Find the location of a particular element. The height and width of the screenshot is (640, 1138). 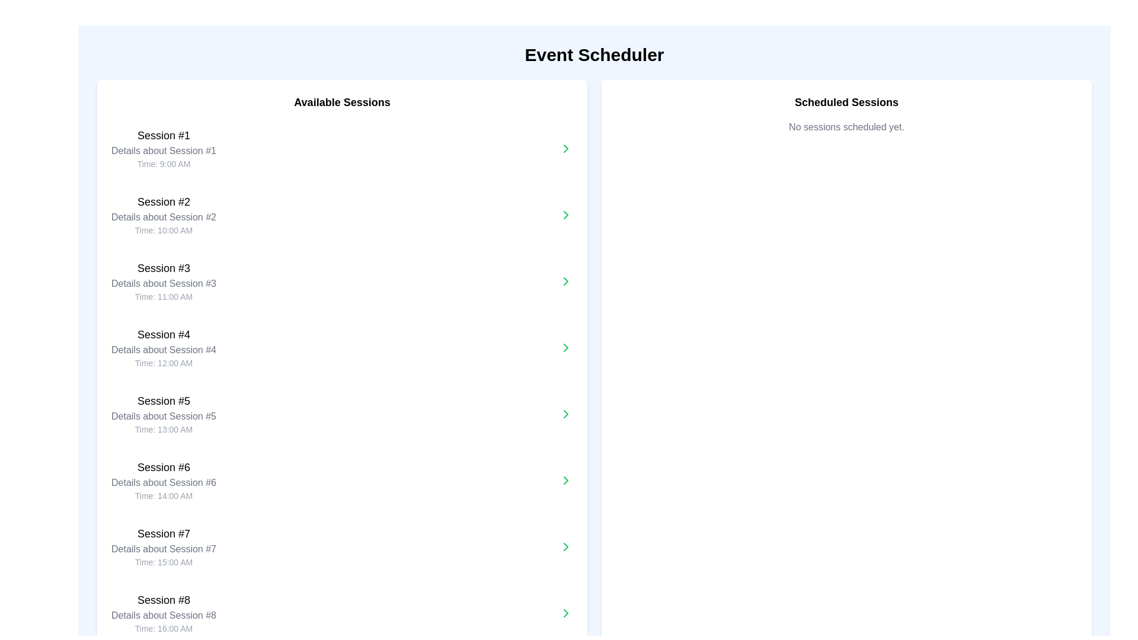

the right-pointing chevron arrow, which is the third in a vertical list under 'Available Sessions' is located at coordinates (565, 215).